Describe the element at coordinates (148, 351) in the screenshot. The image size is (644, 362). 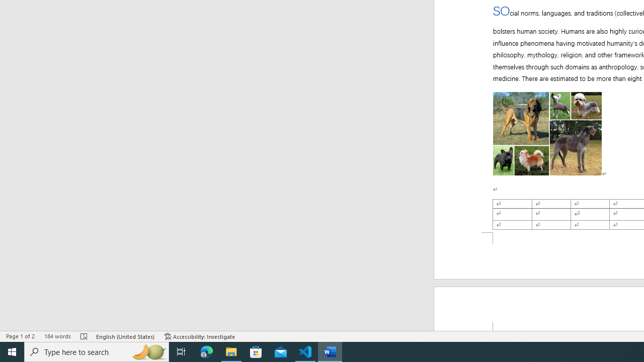
I see `'Search highlights icon opens search home window'` at that location.